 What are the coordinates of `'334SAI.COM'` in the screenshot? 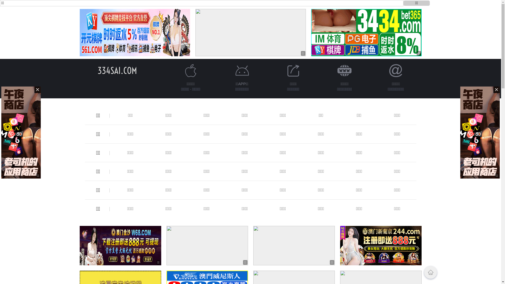 It's located at (117, 70).